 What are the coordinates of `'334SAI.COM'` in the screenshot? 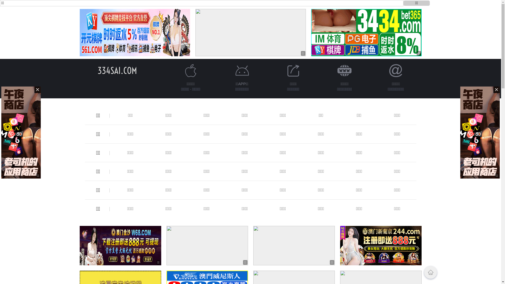 It's located at (117, 70).